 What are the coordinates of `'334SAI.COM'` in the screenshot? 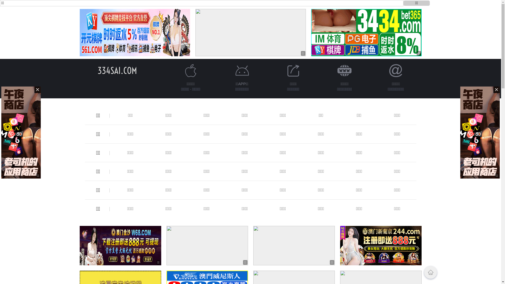 It's located at (117, 70).